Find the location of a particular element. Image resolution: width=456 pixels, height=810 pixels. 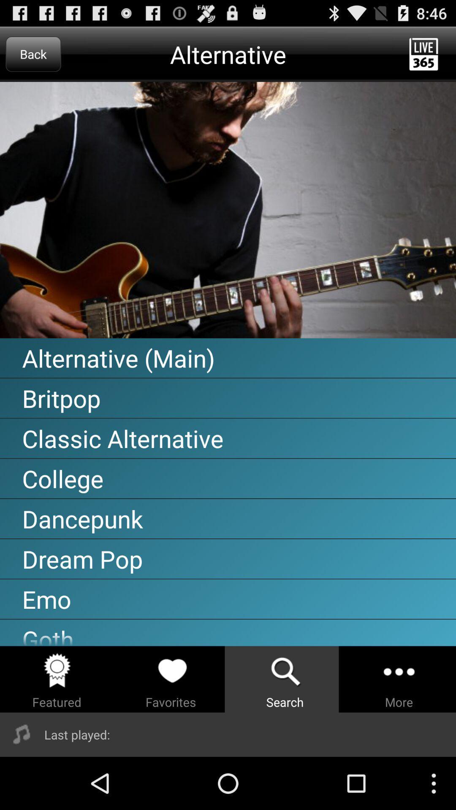

icon above the alternative (main) icon is located at coordinates (228, 210).